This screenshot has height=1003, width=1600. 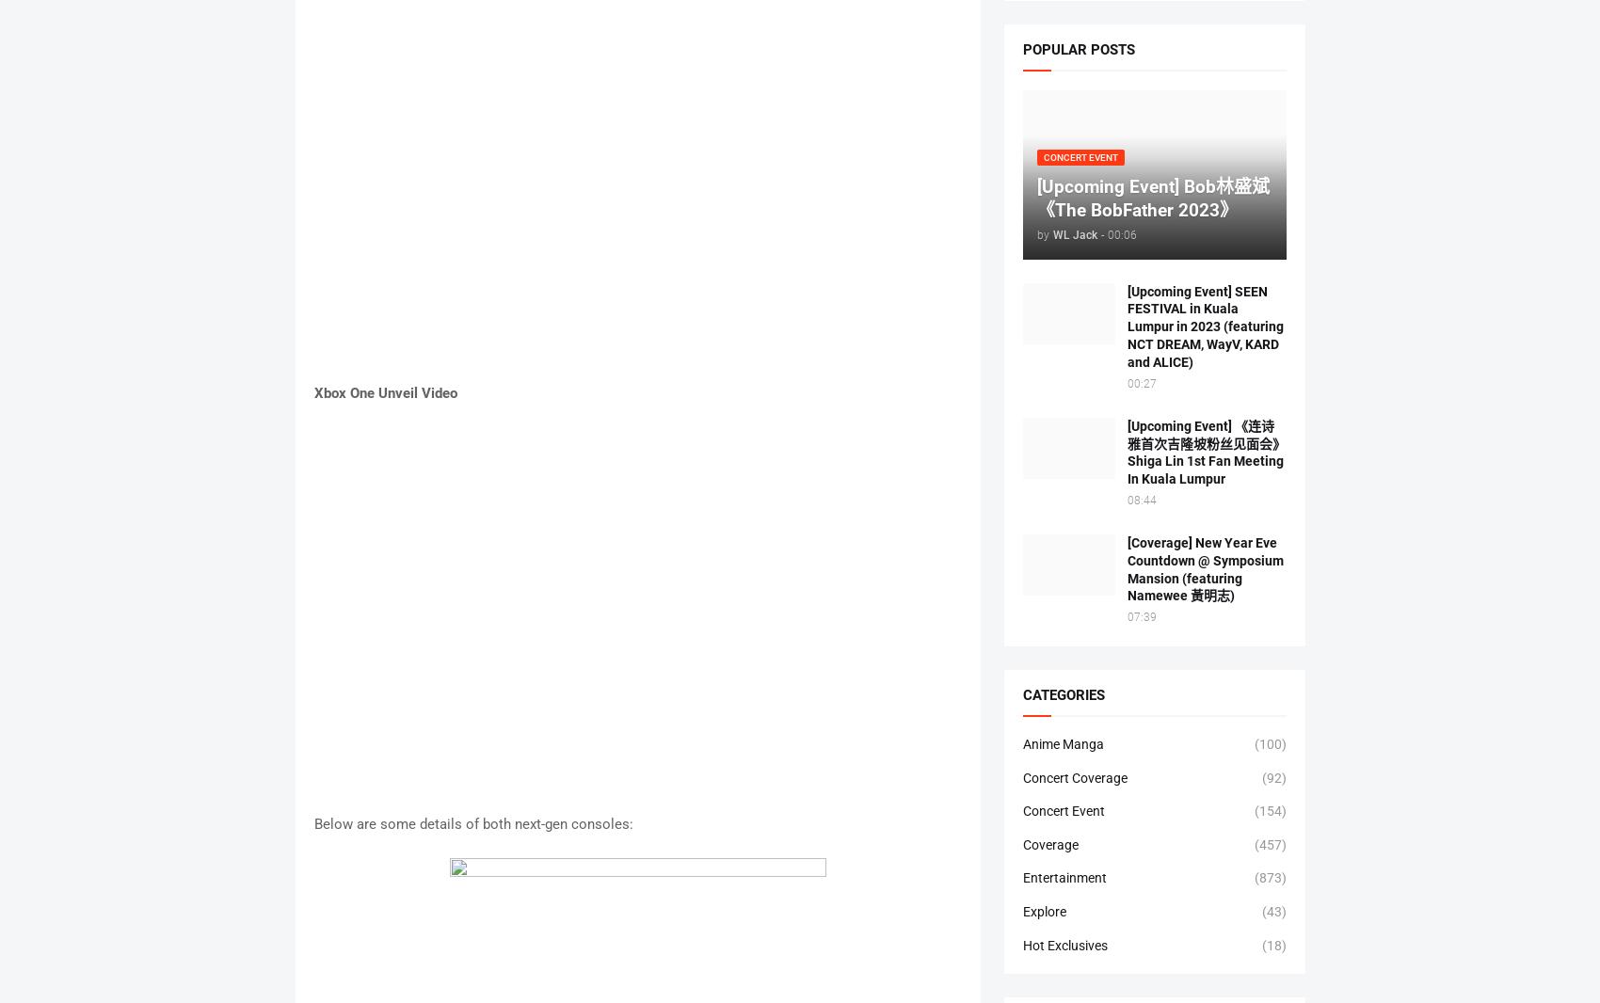 I want to click on '[Upcoming Event] Bob林盛斌《The BobFather 2023》', so click(x=1151, y=197).